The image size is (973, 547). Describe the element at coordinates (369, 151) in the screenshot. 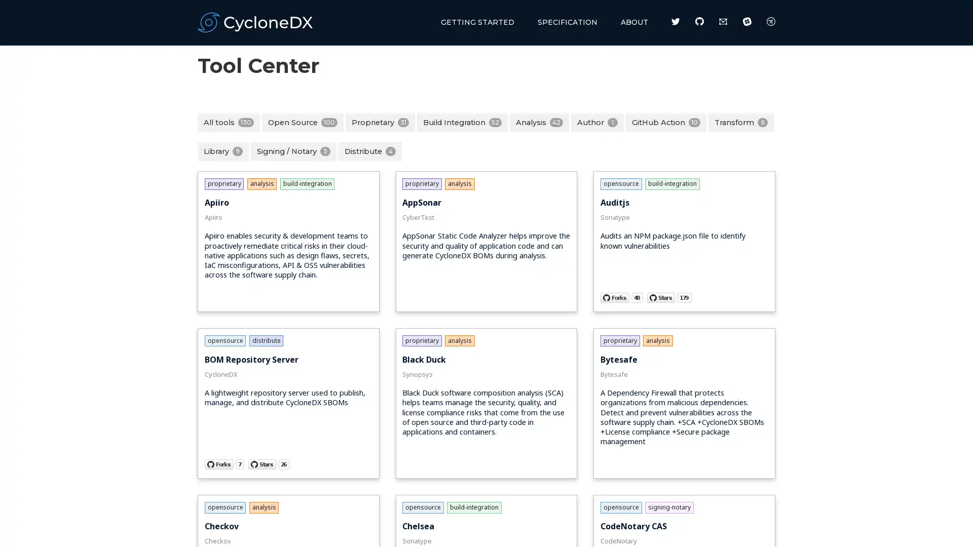

I see `Distribute 4` at that location.